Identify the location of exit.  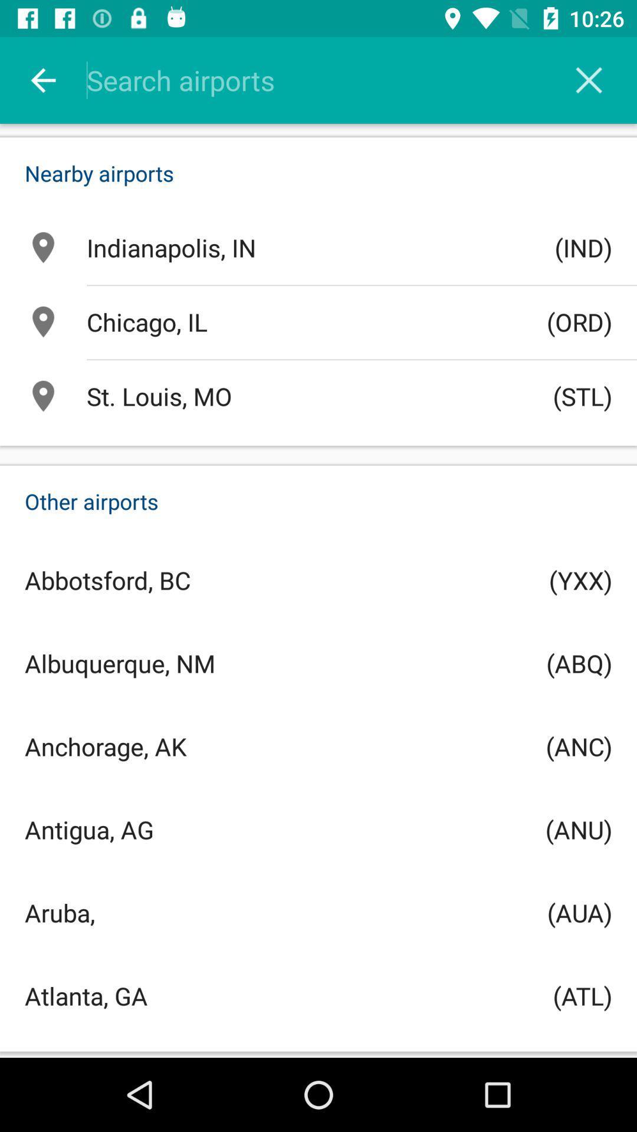
(589, 80).